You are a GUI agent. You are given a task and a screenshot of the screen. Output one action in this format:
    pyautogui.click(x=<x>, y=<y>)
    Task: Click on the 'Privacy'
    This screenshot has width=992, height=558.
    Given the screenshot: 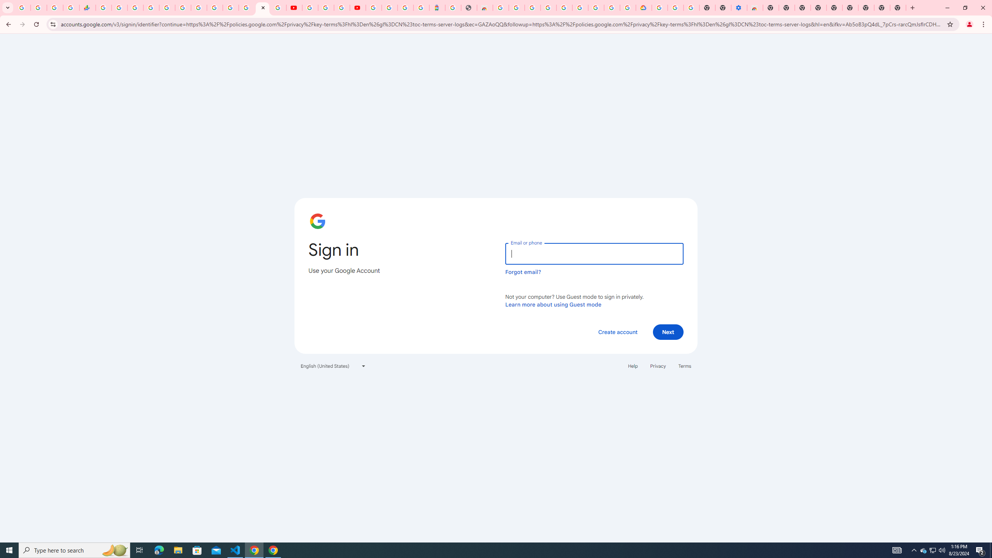 What is the action you would take?
    pyautogui.click(x=657, y=365)
    